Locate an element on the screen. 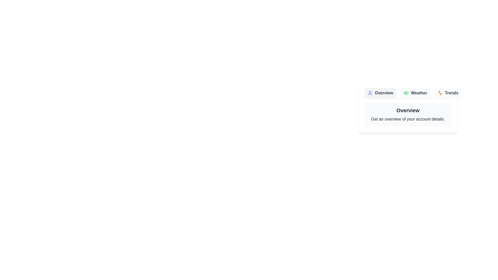 The height and width of the screenshot is (280, 498). the tab labeled Global is located at coordinates (479, 93).